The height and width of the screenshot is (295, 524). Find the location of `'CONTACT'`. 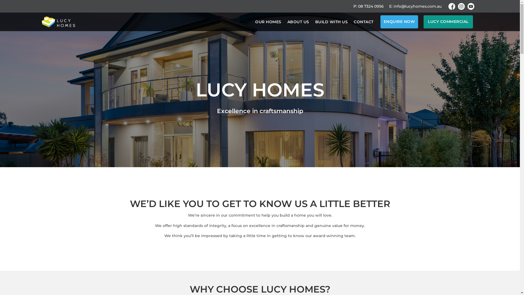

'CONTACT' is located at coordinates (364, 22).